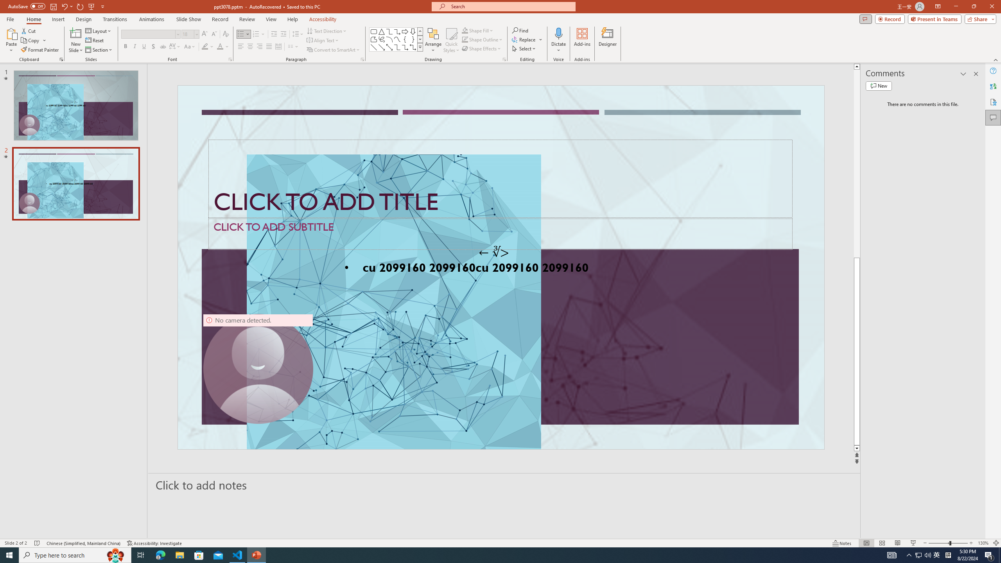  What do you see at coordinates (61, 59) in the screenshot?
I see `'Office Clipboard...'` at bounding box center [61, 59].